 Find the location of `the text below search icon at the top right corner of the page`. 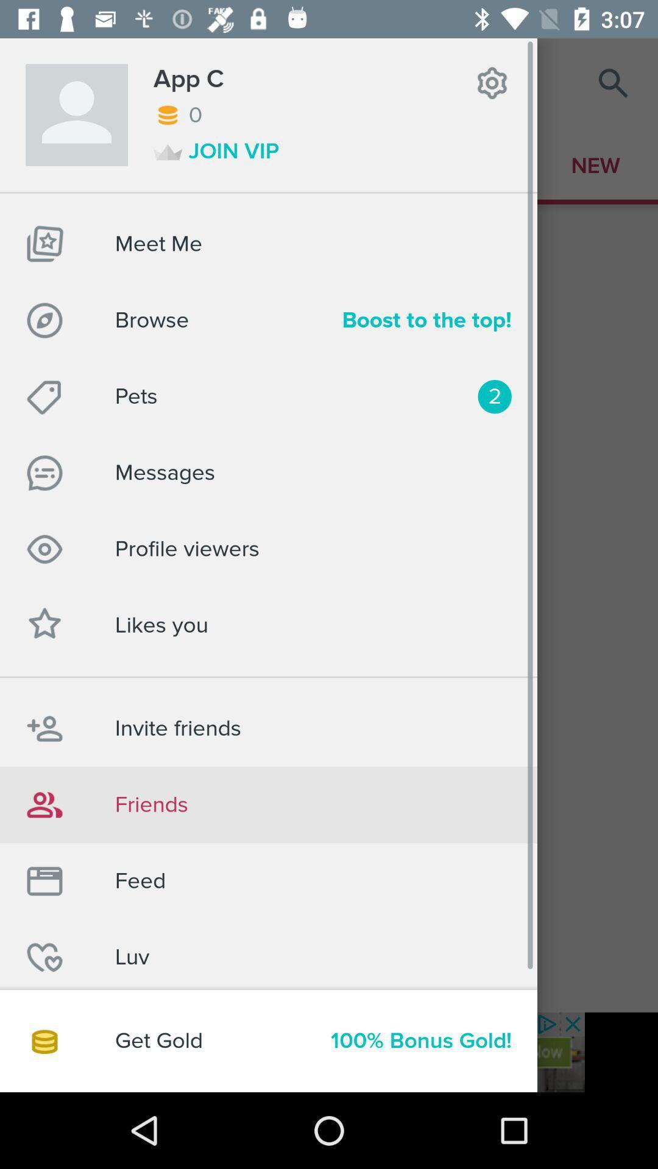

the text below search icon at the top right corner of the page is located at coordinates (595, 166).